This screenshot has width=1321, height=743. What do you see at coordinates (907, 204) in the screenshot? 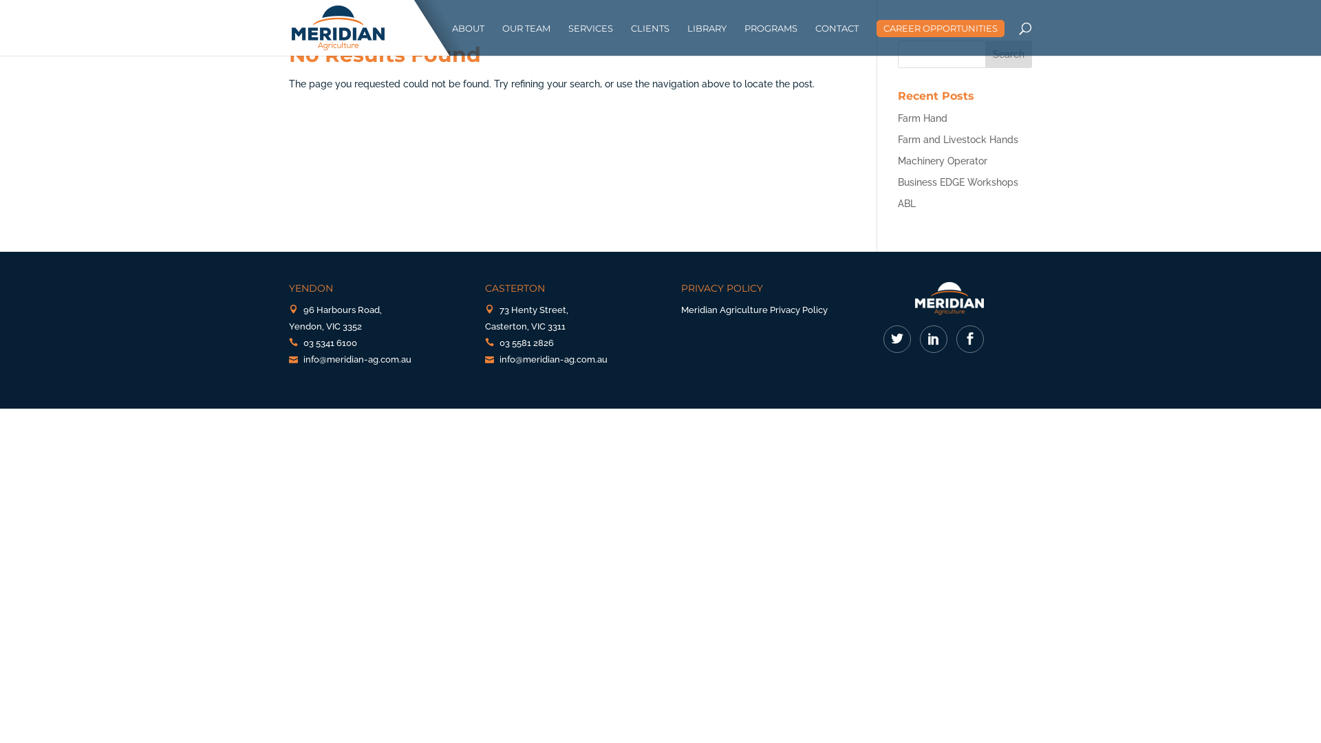
I see `'ABL'` at bounding box center [907, 204].